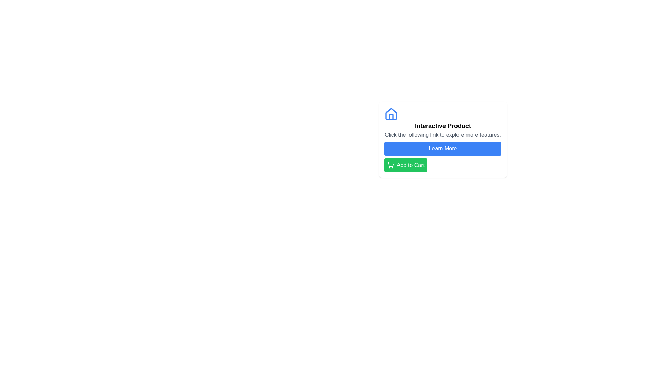 This screenshot has width=659, height=371. Describe the element at coordinates (390, 164) in the screenshot. I see `the shopping cart icon located at the center of the green 'Add to Cart' button` at that location.